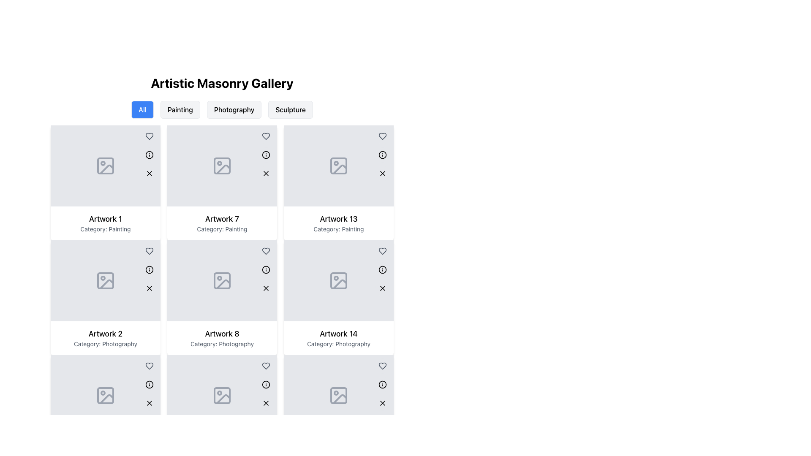 The image size is (811, 456). What do you see at coordinates (222, 280) in the screenshot?
I see `the small rectangular graphical decoration located within the image icon under the 'Artwork 8' tile, which is in the second column, second row of the gallery grid` at bounding box center [222, 280].